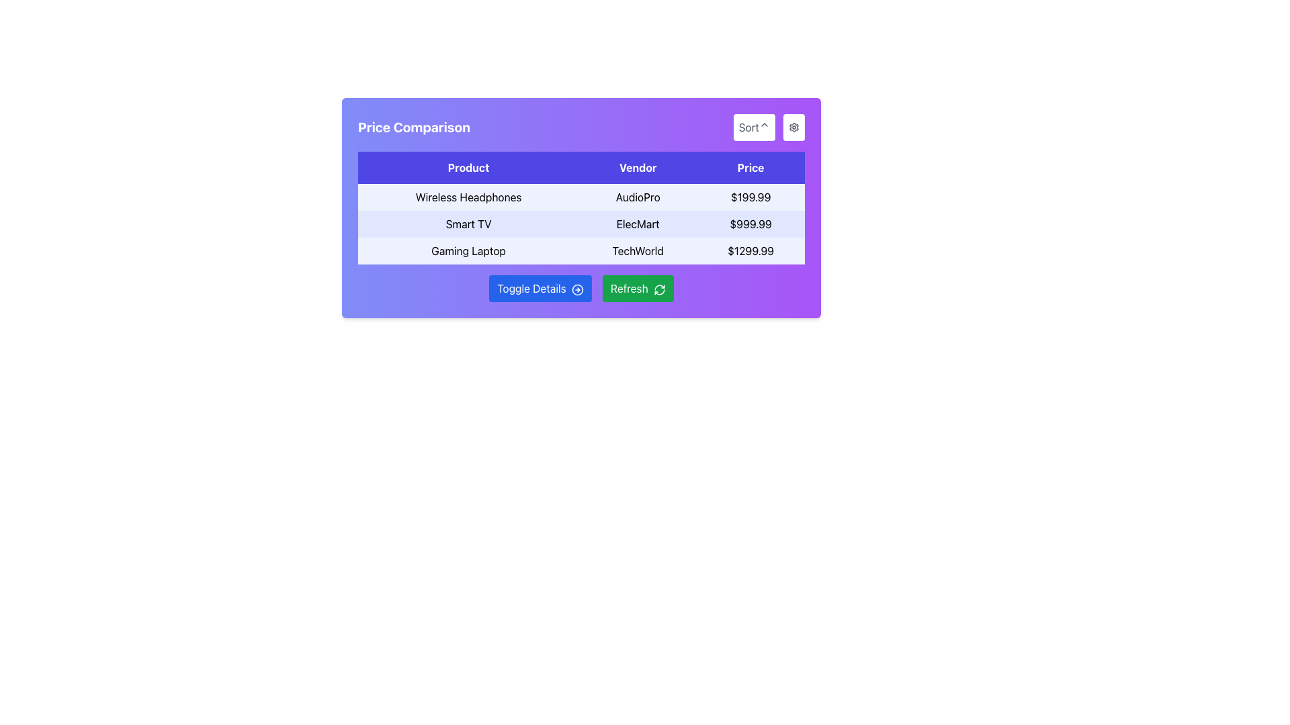 This screenshot has height=725, width=1290. I want to click on rows in the Price Comparison Data Table located below the section title and adjacent to the 'Toggle Details' and 'Refresh' buttons, so click(581, 207).